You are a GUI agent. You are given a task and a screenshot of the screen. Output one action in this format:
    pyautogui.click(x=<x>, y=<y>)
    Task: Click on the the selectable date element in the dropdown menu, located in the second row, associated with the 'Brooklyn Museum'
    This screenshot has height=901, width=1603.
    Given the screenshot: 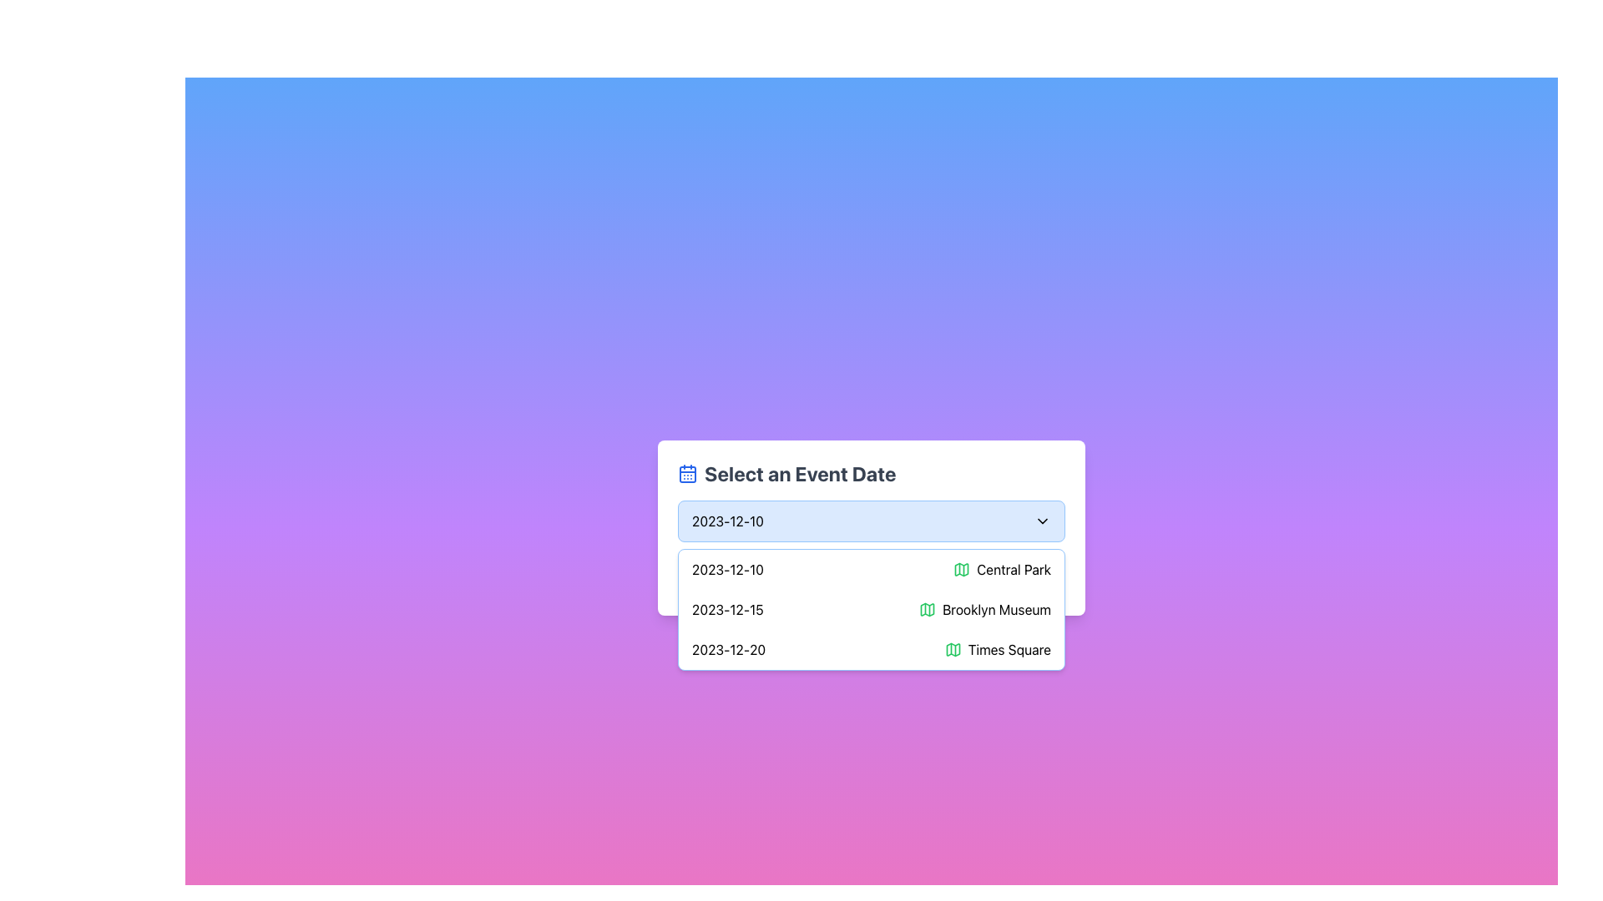 What is the action you would take?
    pyautogui.click(x=727, y=610)
    